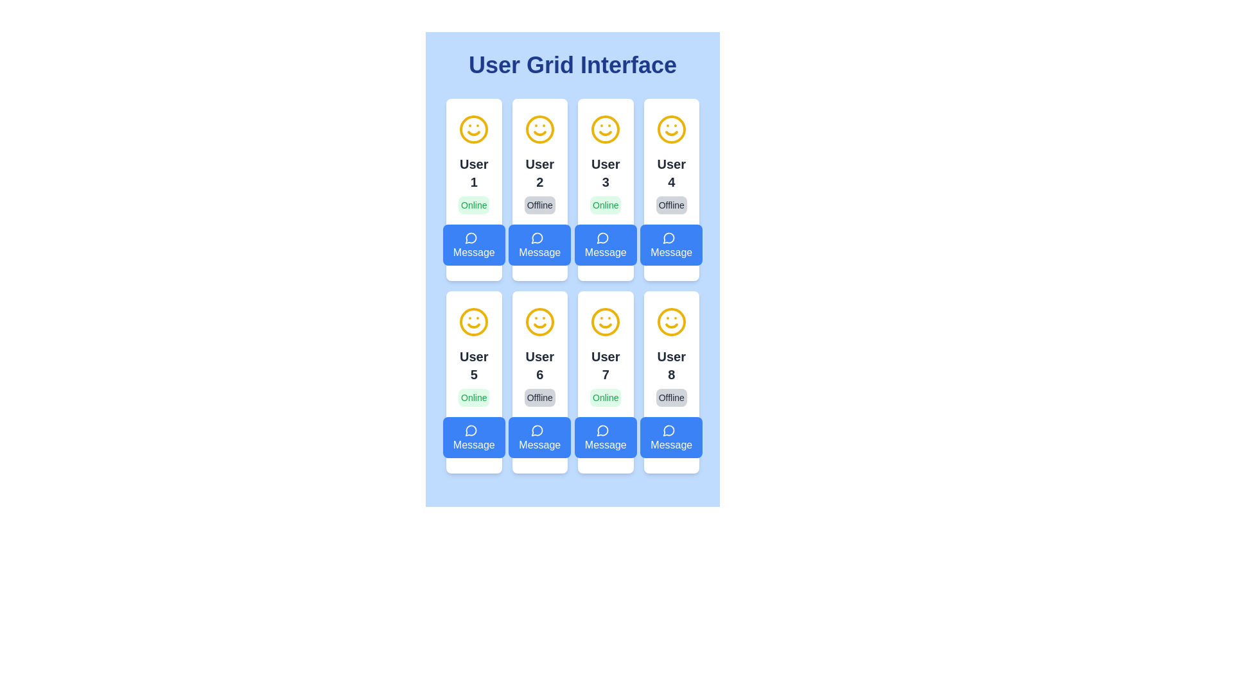 The image size is (1233, 693). Describe the element at coordinates (670, 190) in the screenshot. I see `user status from the Card located at the top-right corner of the grid layout, which represents user-related information and includes a status indicator` at that location.